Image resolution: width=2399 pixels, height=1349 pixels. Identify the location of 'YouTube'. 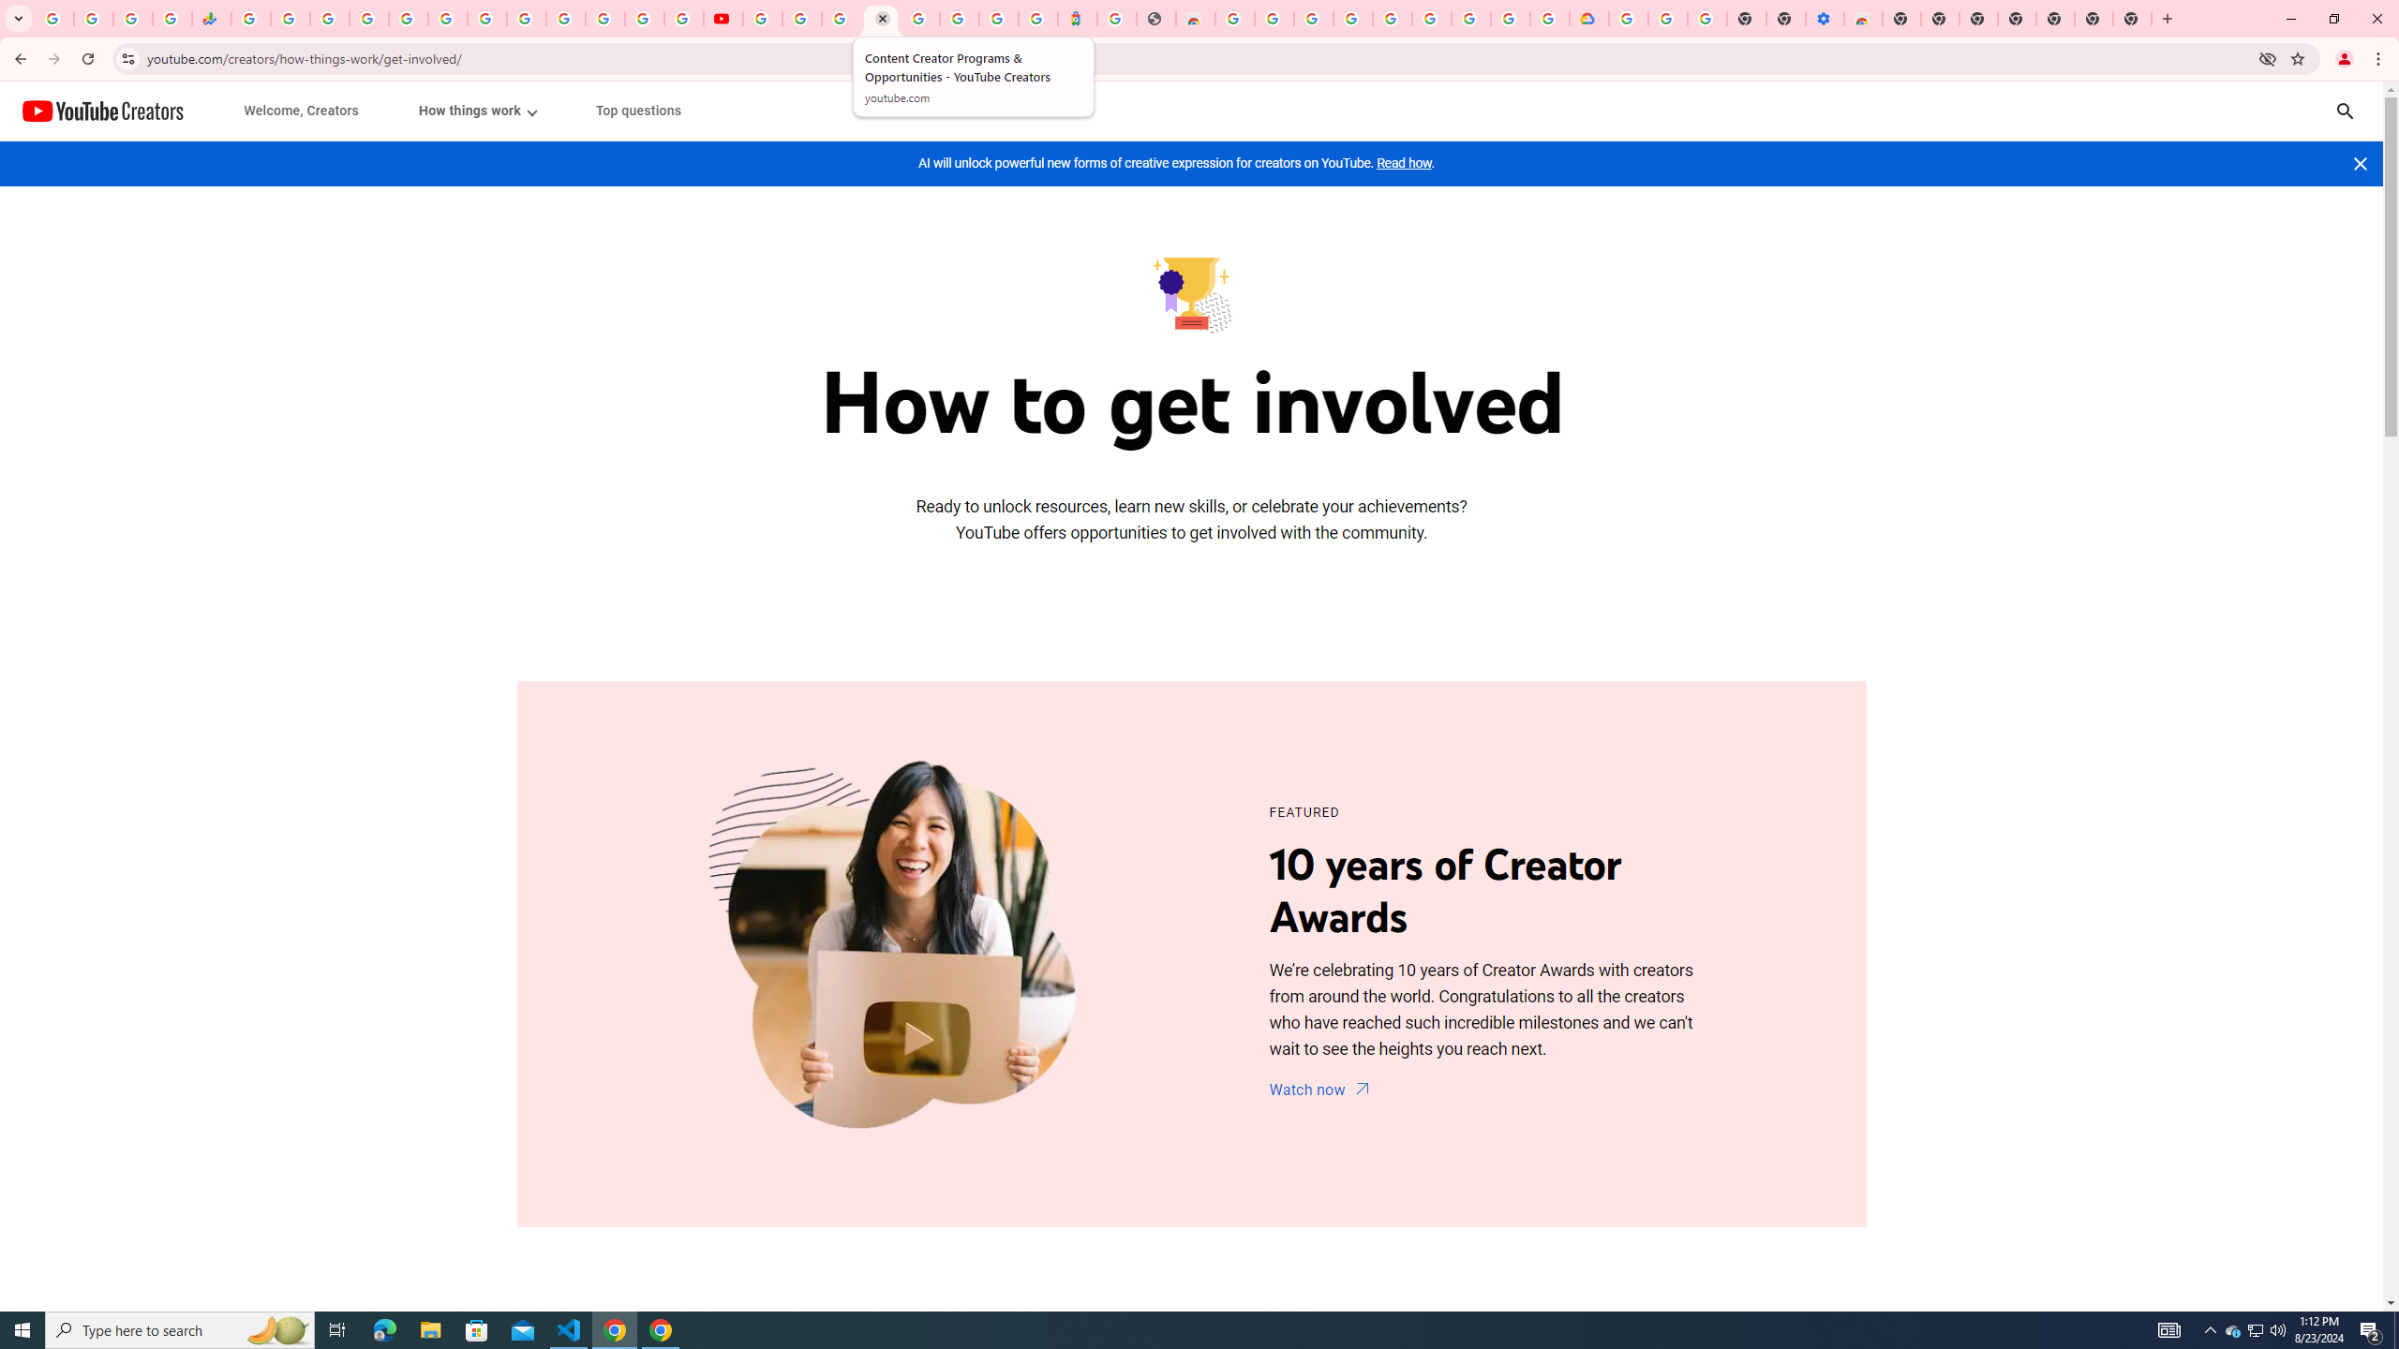
(763, 18).